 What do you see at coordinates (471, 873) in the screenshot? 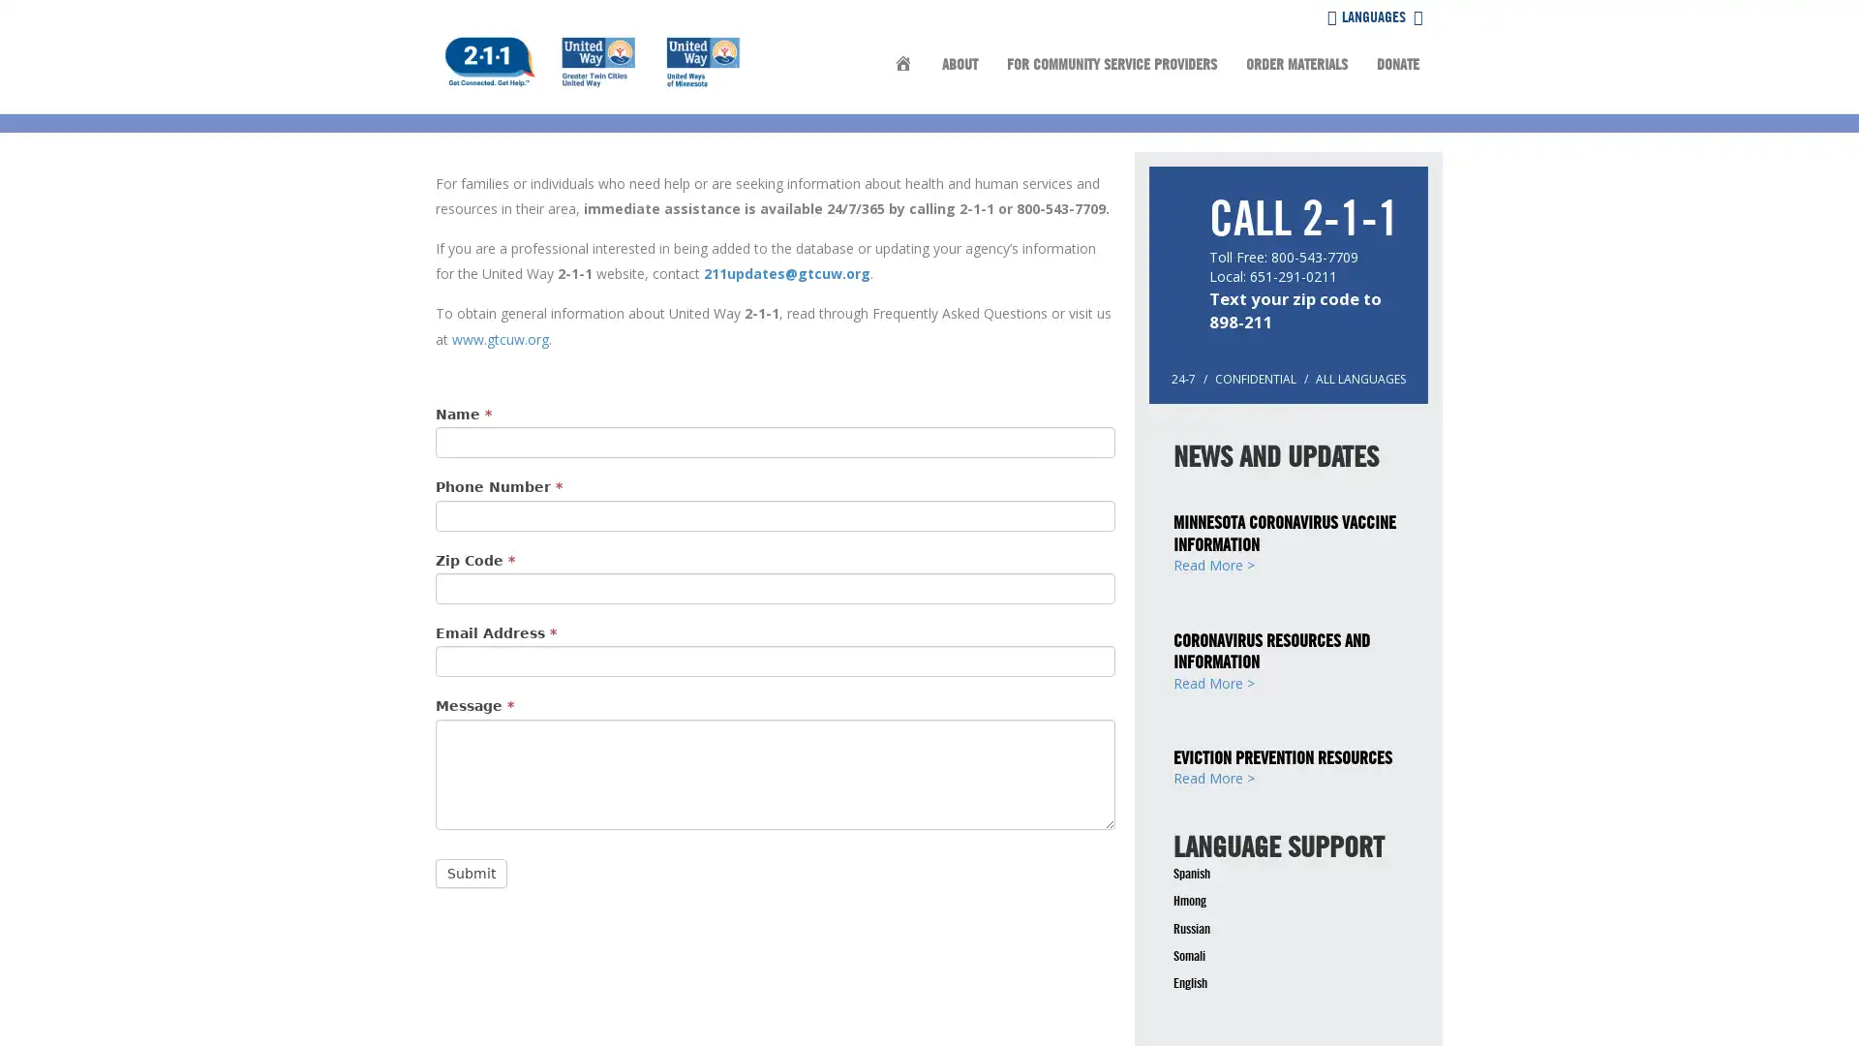
I see `Submit` at bounding box center [471, 873].